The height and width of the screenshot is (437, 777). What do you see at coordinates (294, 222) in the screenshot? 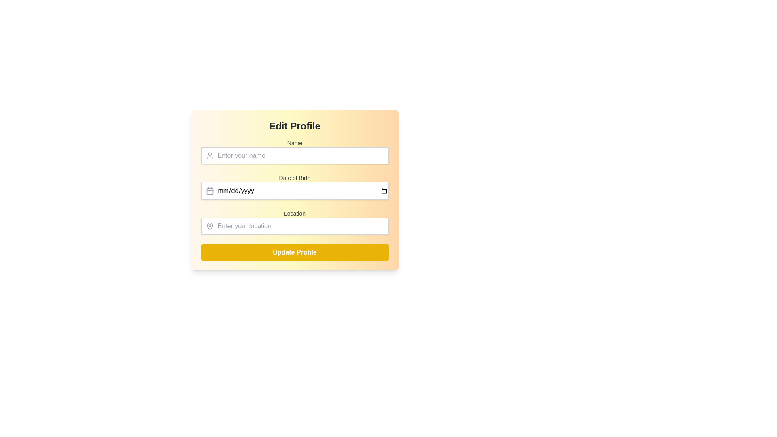
I see `the label that indicates the associated input for entering the user's location, which is located under the 'Date of Birth' field and above the input section for entering the location` at bounding box center [294, 222].